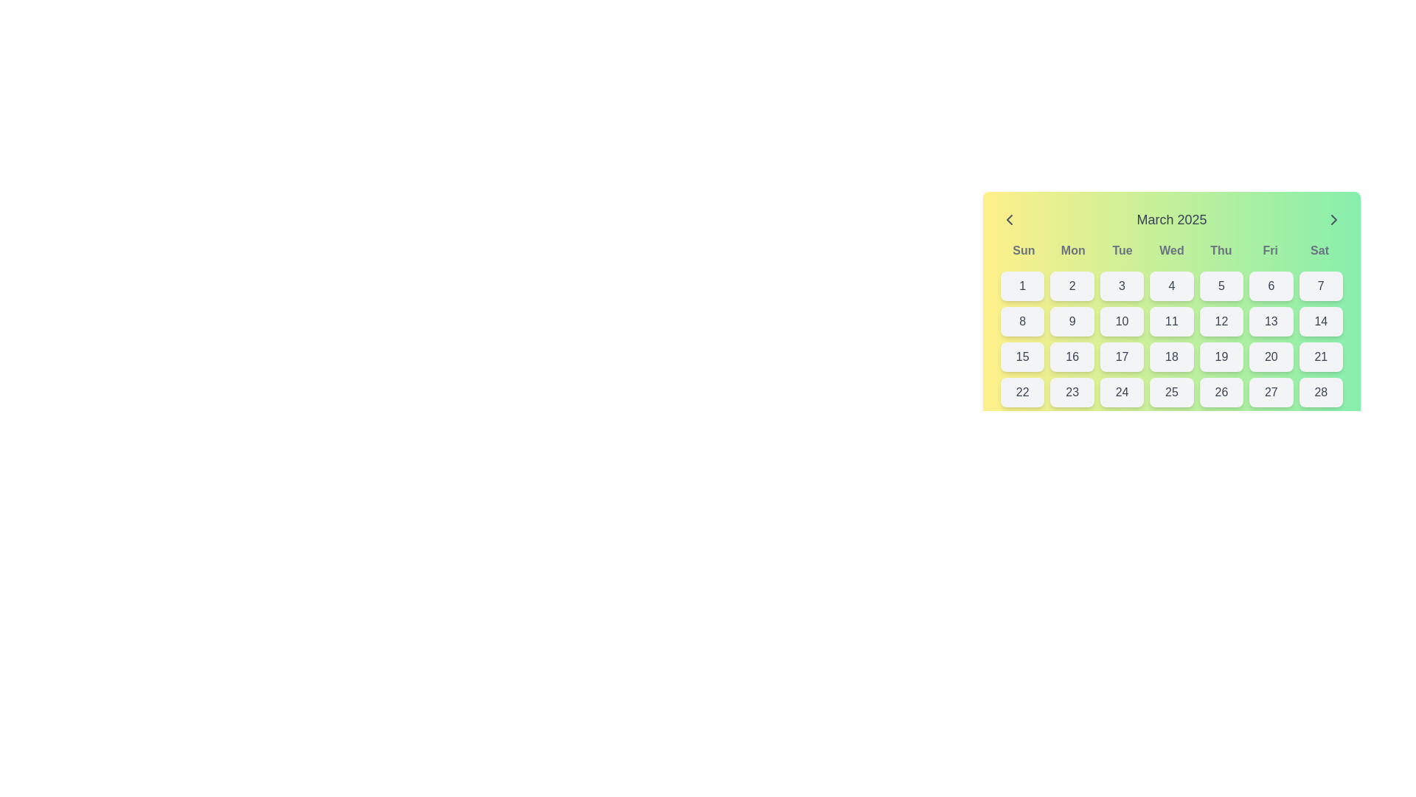 The width and height of the screenshot is (1416, 797). Describe the element at coordinates (1121, 392) in the screenshot. I see `the button displaying the numeral '24' in dark gray text, which is styled as a square with rounded corners and has a light gray background` at that location.